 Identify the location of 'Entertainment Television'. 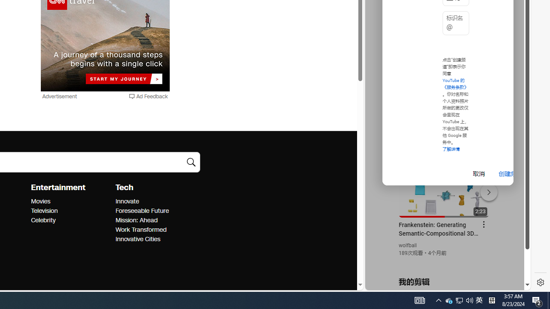
(44, 211).